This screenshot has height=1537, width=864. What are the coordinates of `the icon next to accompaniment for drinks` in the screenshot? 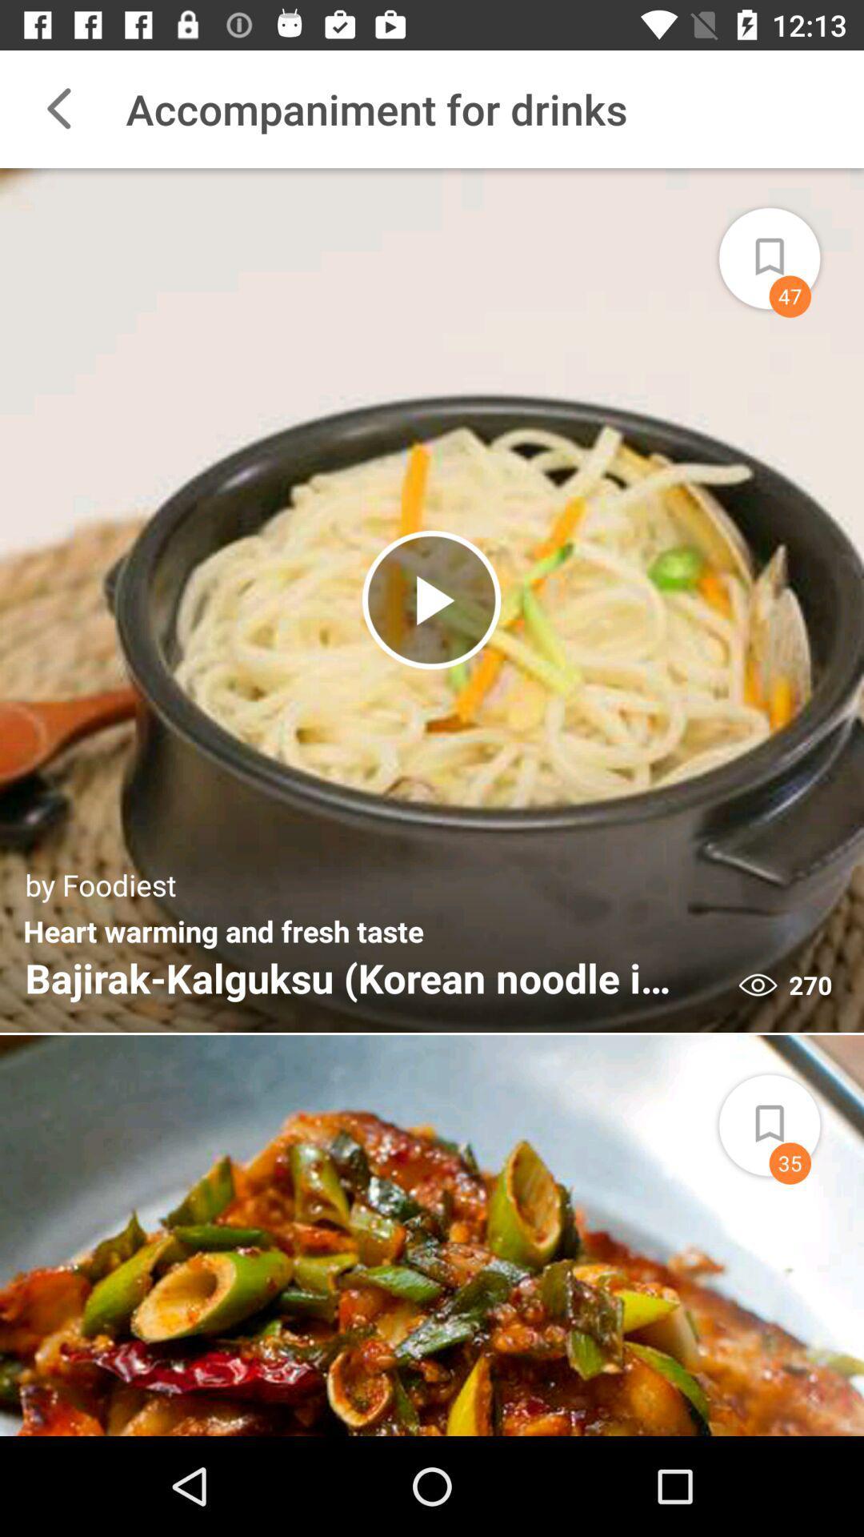 It's located at (58, 108).